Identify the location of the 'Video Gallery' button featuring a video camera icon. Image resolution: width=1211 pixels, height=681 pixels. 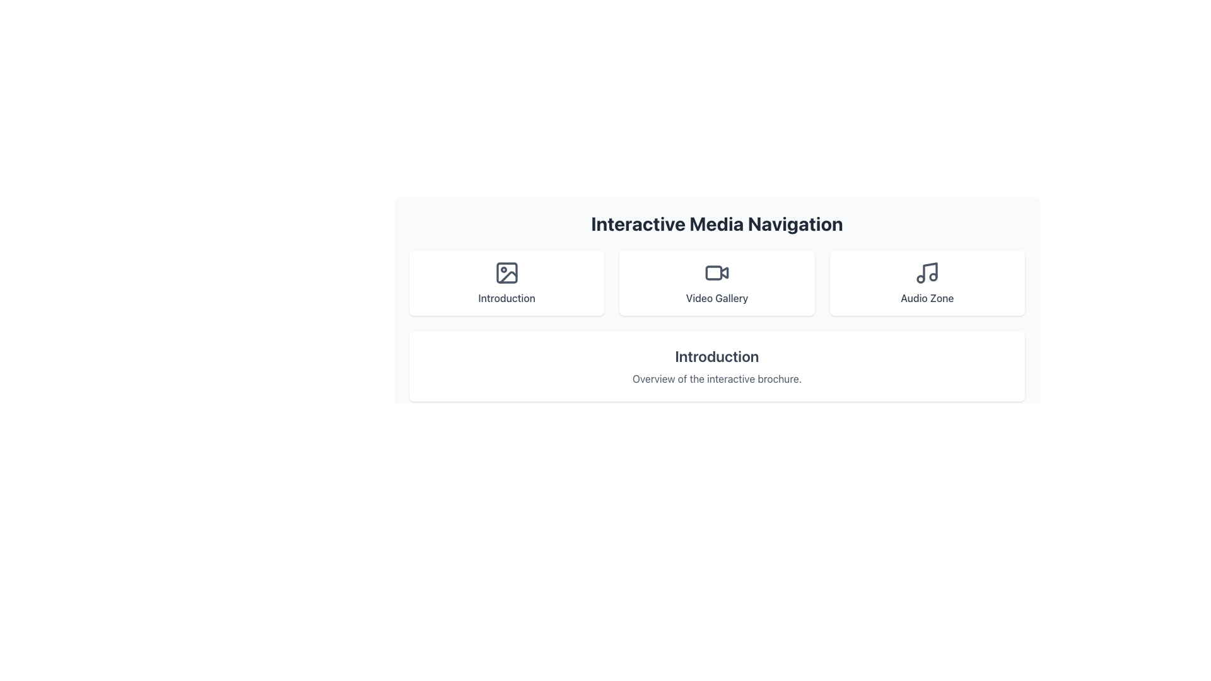
(717, 282).